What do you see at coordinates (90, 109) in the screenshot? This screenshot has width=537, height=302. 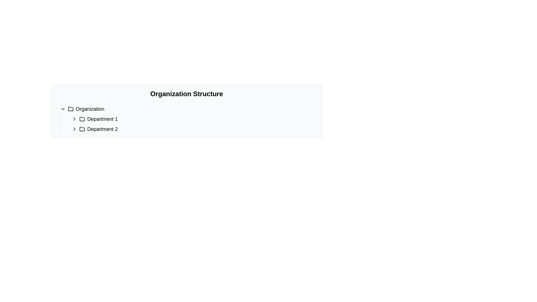 I see `the Static text label displaying the word 'Organization', which is prominently styled and located to the right of a folder icon and slightly below a dropdown icon in the UI` at bounding box center [90, 109].